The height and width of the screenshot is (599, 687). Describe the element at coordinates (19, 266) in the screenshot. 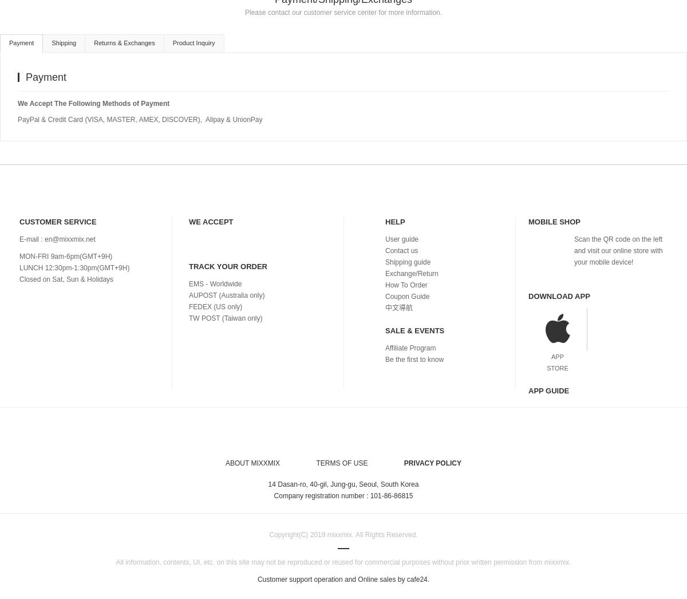

I see `'LUNCH 12:30pm-1:30pm(GMT+9H)'` at that location.